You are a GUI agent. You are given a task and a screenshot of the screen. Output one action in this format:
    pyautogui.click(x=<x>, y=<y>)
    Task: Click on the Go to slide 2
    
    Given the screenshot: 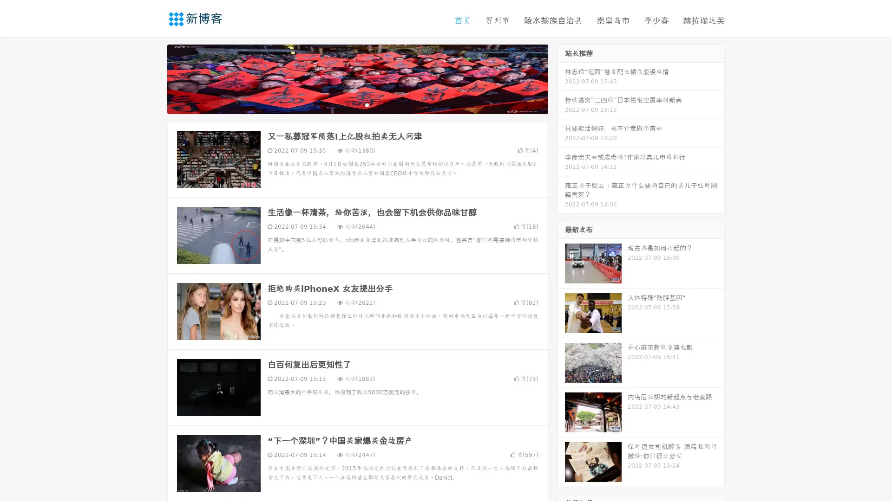 What is the action you would take?
    pyautogui.click(x=357, y=104)
    